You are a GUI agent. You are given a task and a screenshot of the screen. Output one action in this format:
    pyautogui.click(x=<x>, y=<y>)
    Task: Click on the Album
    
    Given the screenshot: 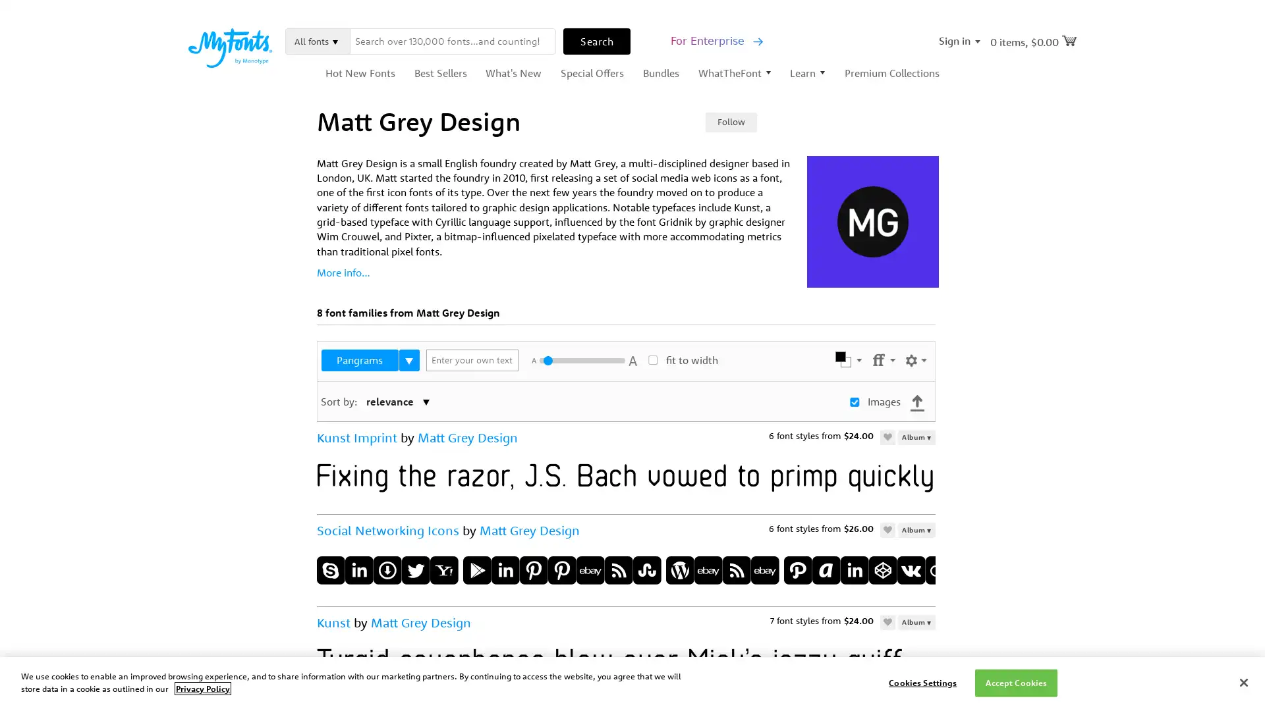 What is the action you would take?
    pyautogui.click(x=916, y=436)
    